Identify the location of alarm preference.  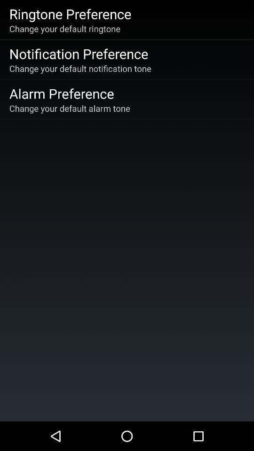
(62, 93).